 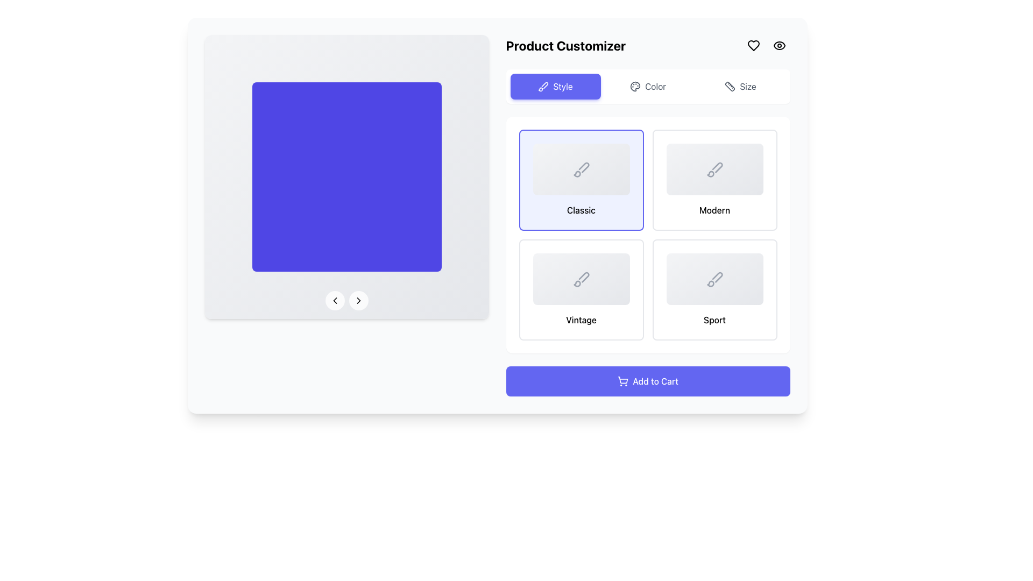 What do you see at coordinates (581, 169) in the screenshot?
I see `the inactive paintbrush icon located in the 'Classic' option box, which is the top-left style option among four styles labeled 'Style', 'Color', and 'Size'` at bounding box center [581, 169].